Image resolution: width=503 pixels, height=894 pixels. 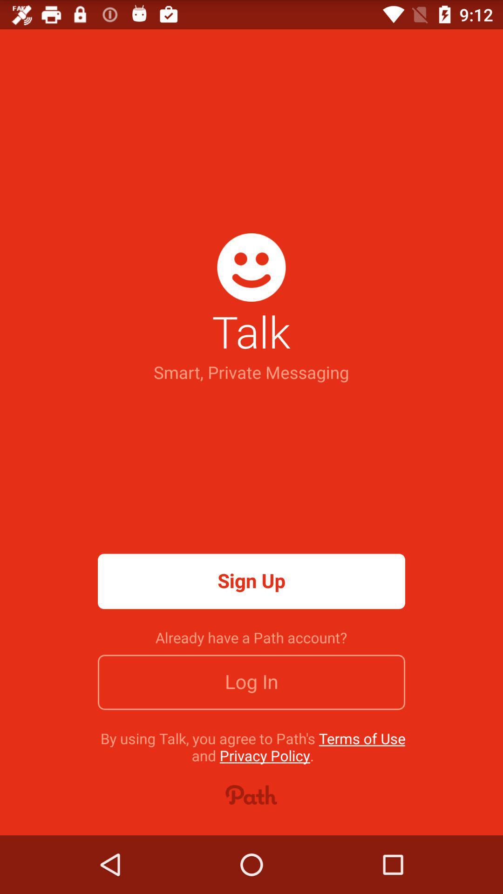 What do you see at coordinates (251, 581) in the screenshot?
I see `the item below the smart, private messaging` at bounding box center [251, 581].